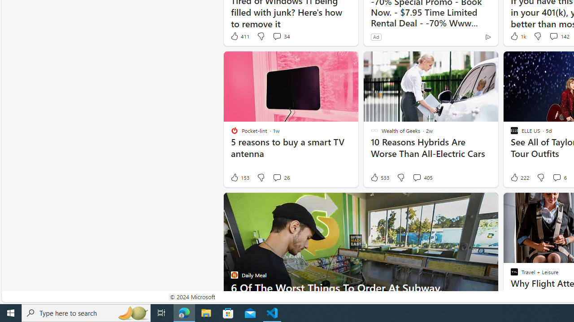  I want to click on 'View comments 34 Comment', so click(276, 36).